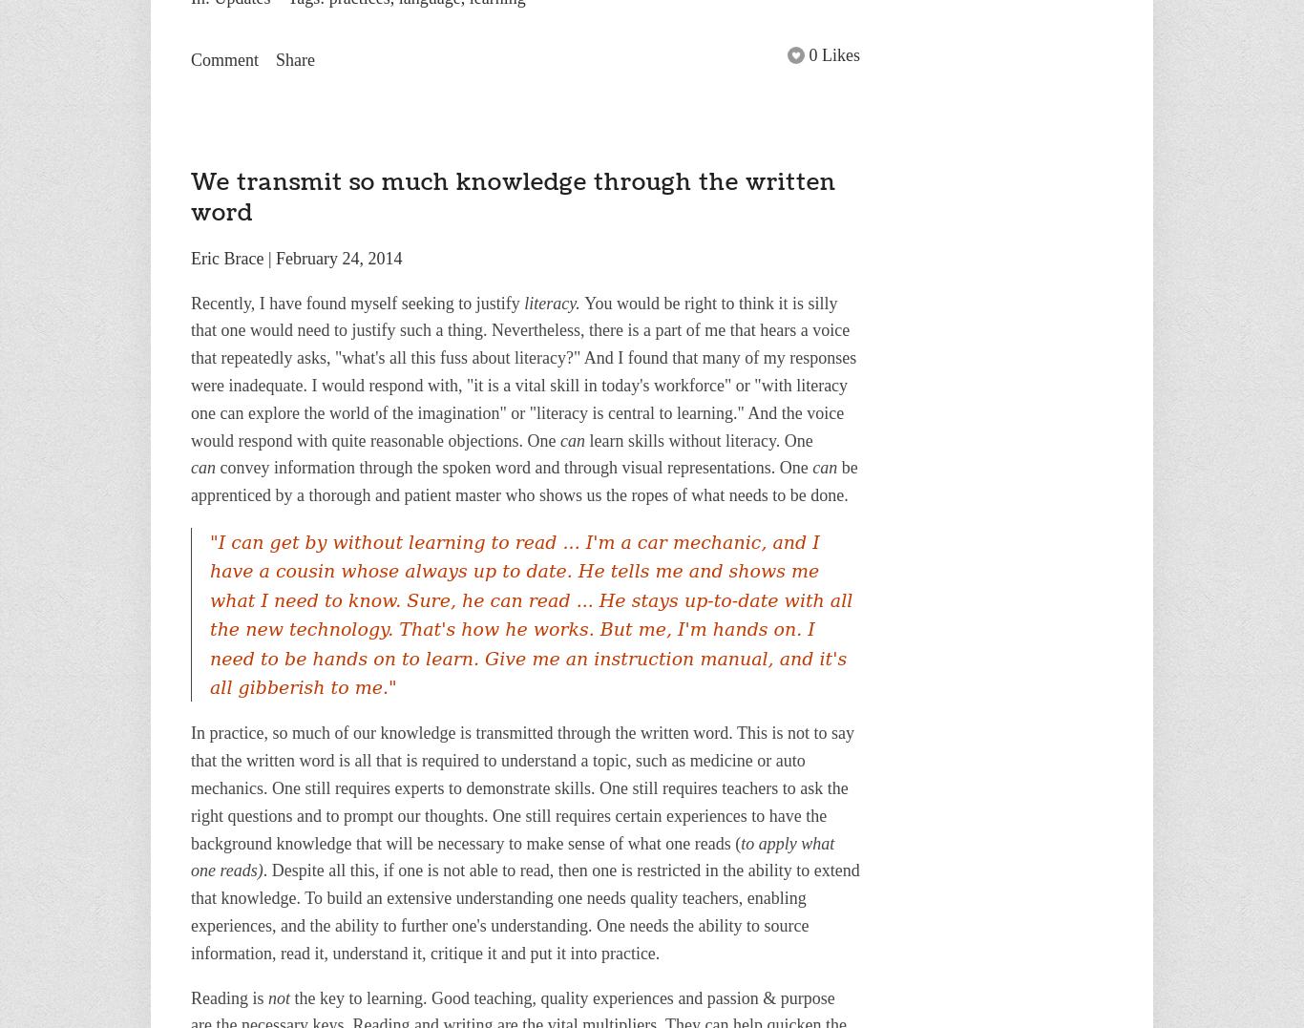  What do you see at coordinates (698, 439) in the screenshot?
I see `'learn skills without literacy. One'` at bounding box center [698, 439].